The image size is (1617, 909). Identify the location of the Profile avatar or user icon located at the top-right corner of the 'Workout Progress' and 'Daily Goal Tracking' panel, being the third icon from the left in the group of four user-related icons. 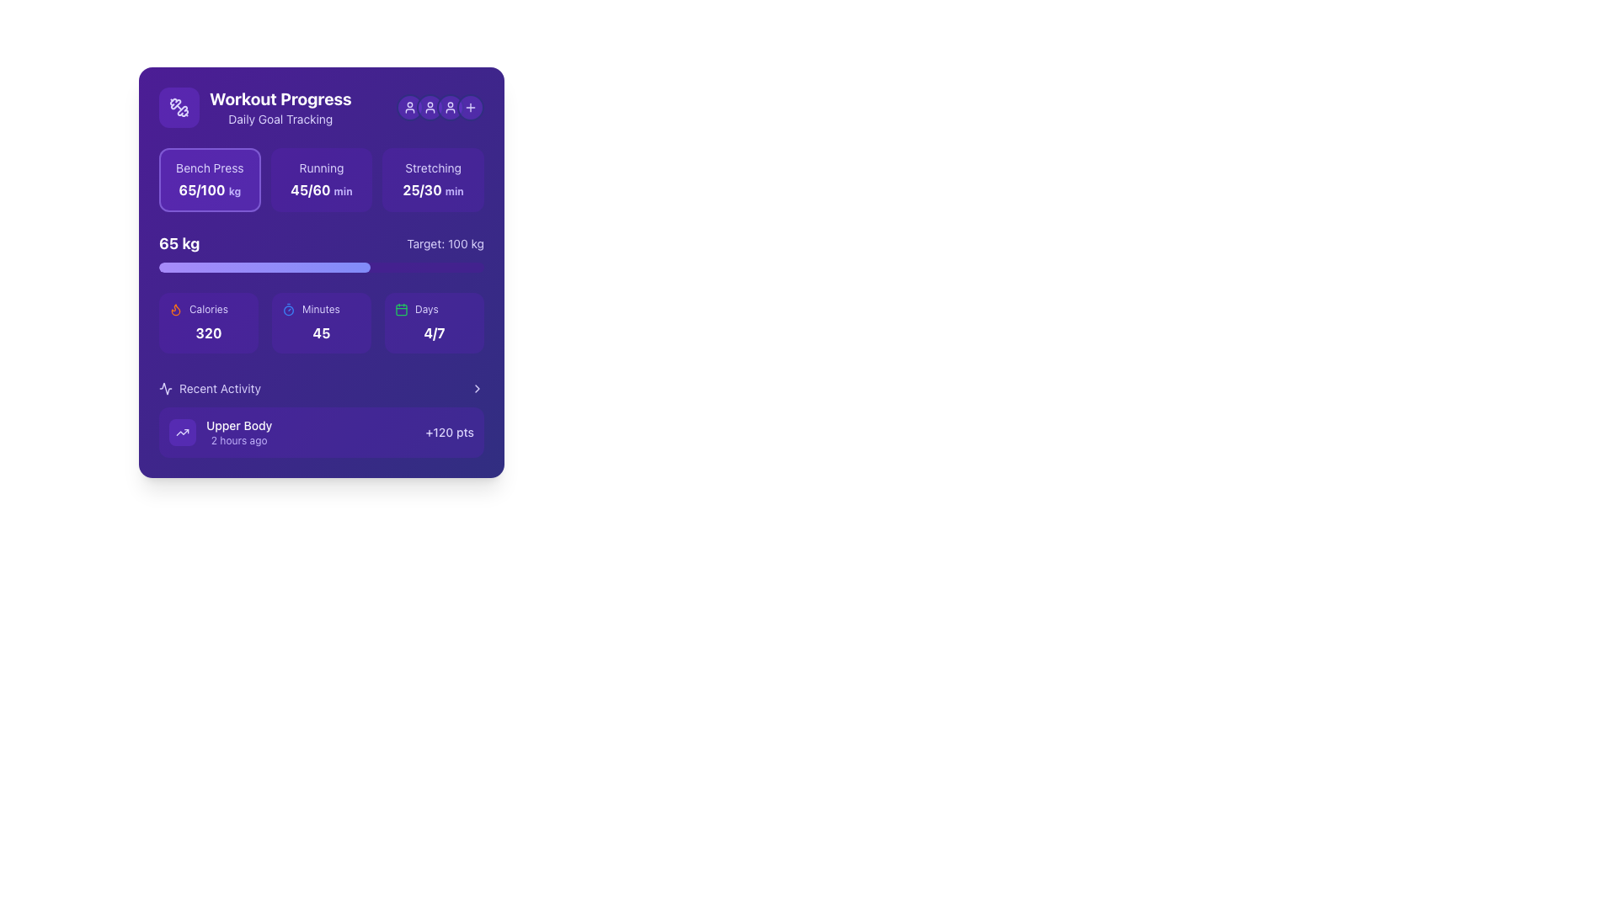
(440, 107).